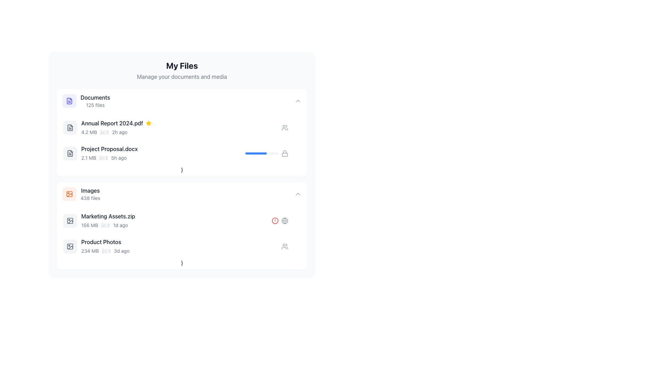  What do you see at coordinates (69, 194) in the screenshot?
I see `the small square-shaped icon with rounded corners and light orange background representing the image category, located to the left of the 'Images' label under 'My Files'` at bounding box center [69, 194].